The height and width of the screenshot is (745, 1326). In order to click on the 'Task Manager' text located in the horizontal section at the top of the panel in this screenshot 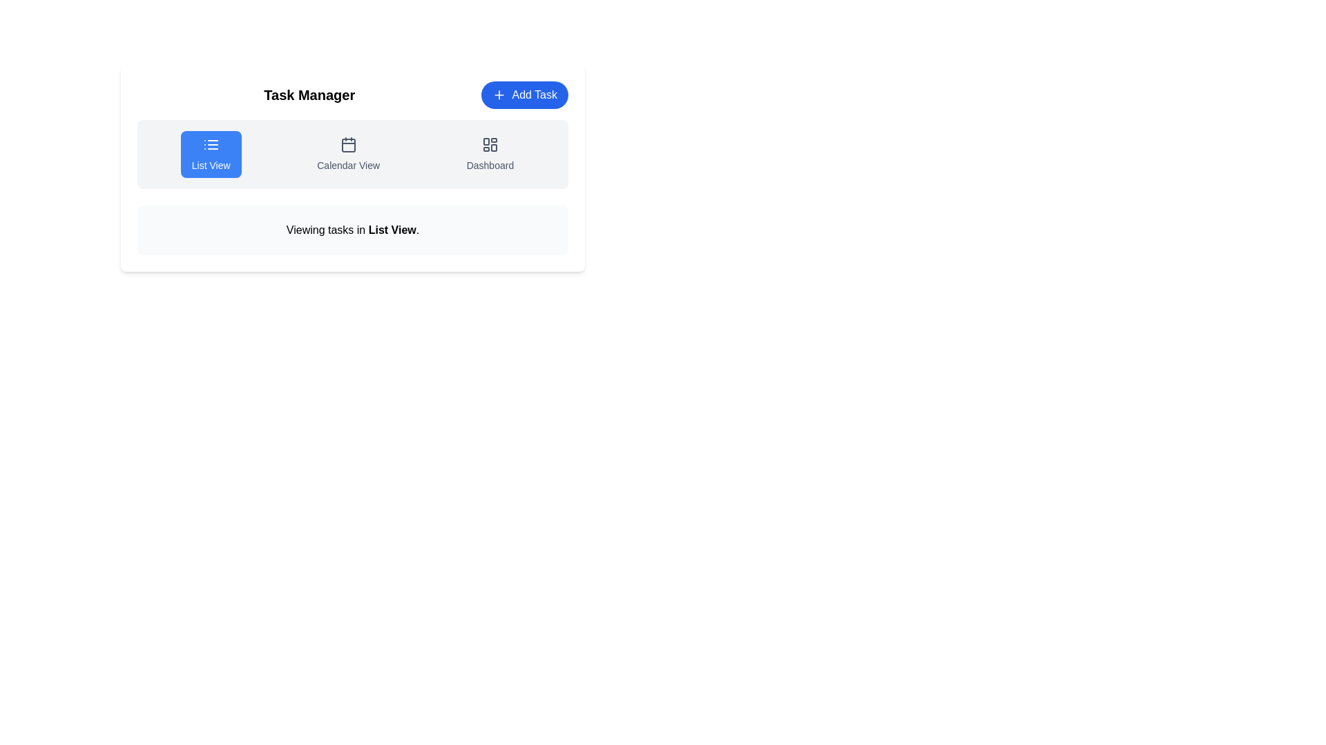, I will do `click(352, 95)`.